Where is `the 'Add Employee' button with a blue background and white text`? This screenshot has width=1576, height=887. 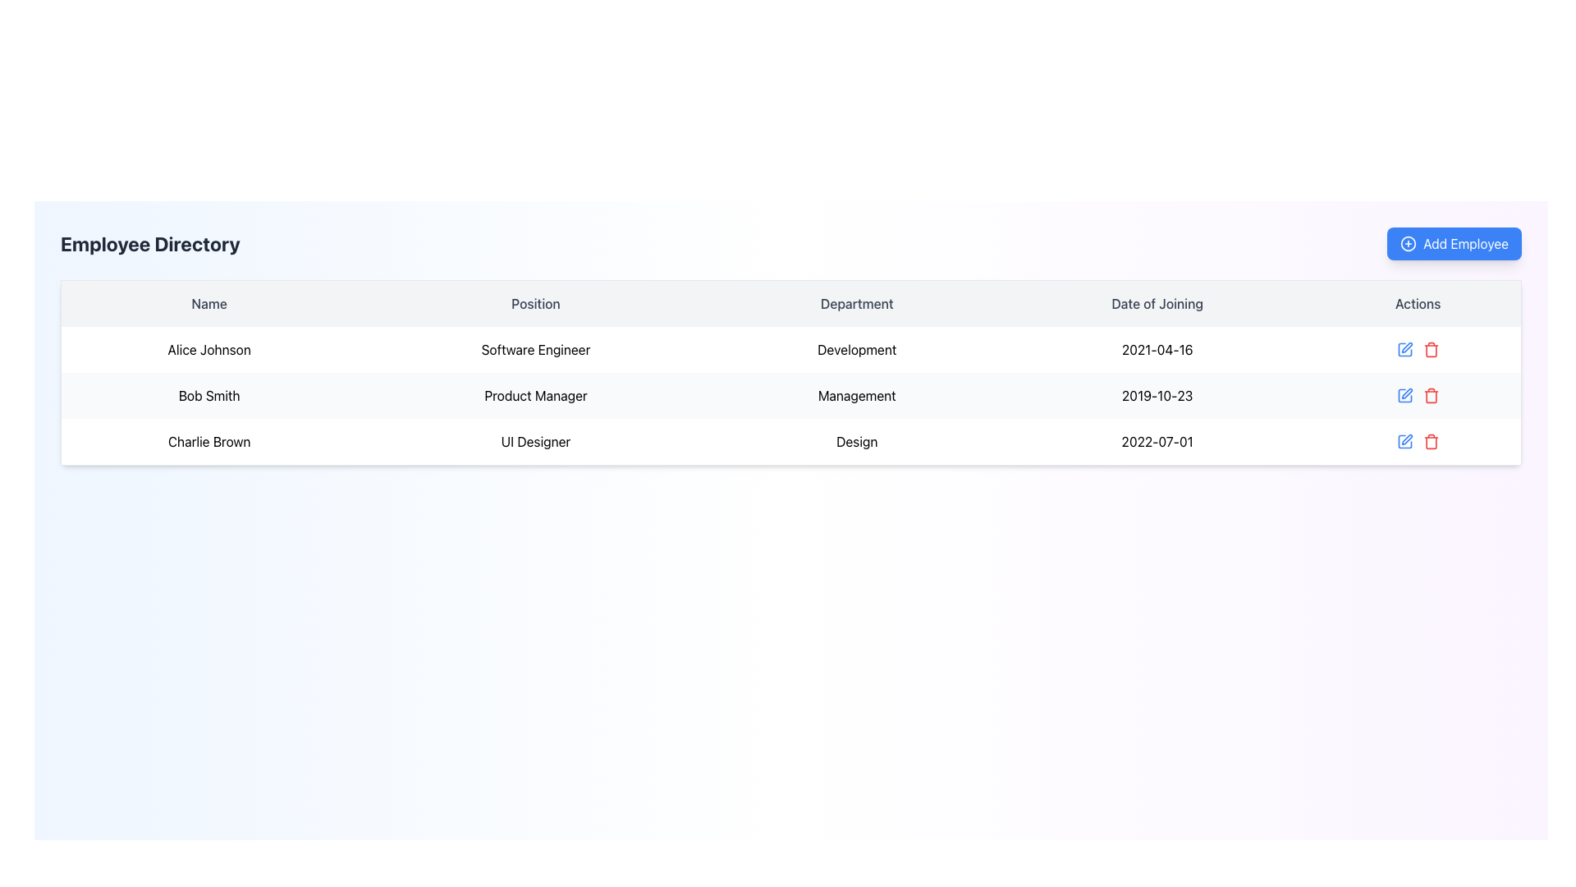 the 'Add Employee' button with a blue background and white text is located at coordinates (1455, 244).